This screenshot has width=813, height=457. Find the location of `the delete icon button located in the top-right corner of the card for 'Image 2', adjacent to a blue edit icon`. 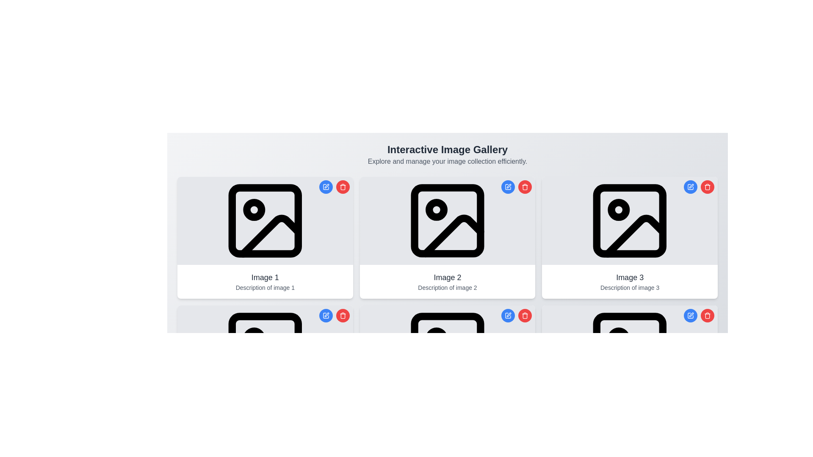

the delete icon button located in the top-right corner of the card for 'Image 2', adjacent to a blue edit icon is located at coordinates (343, 315).